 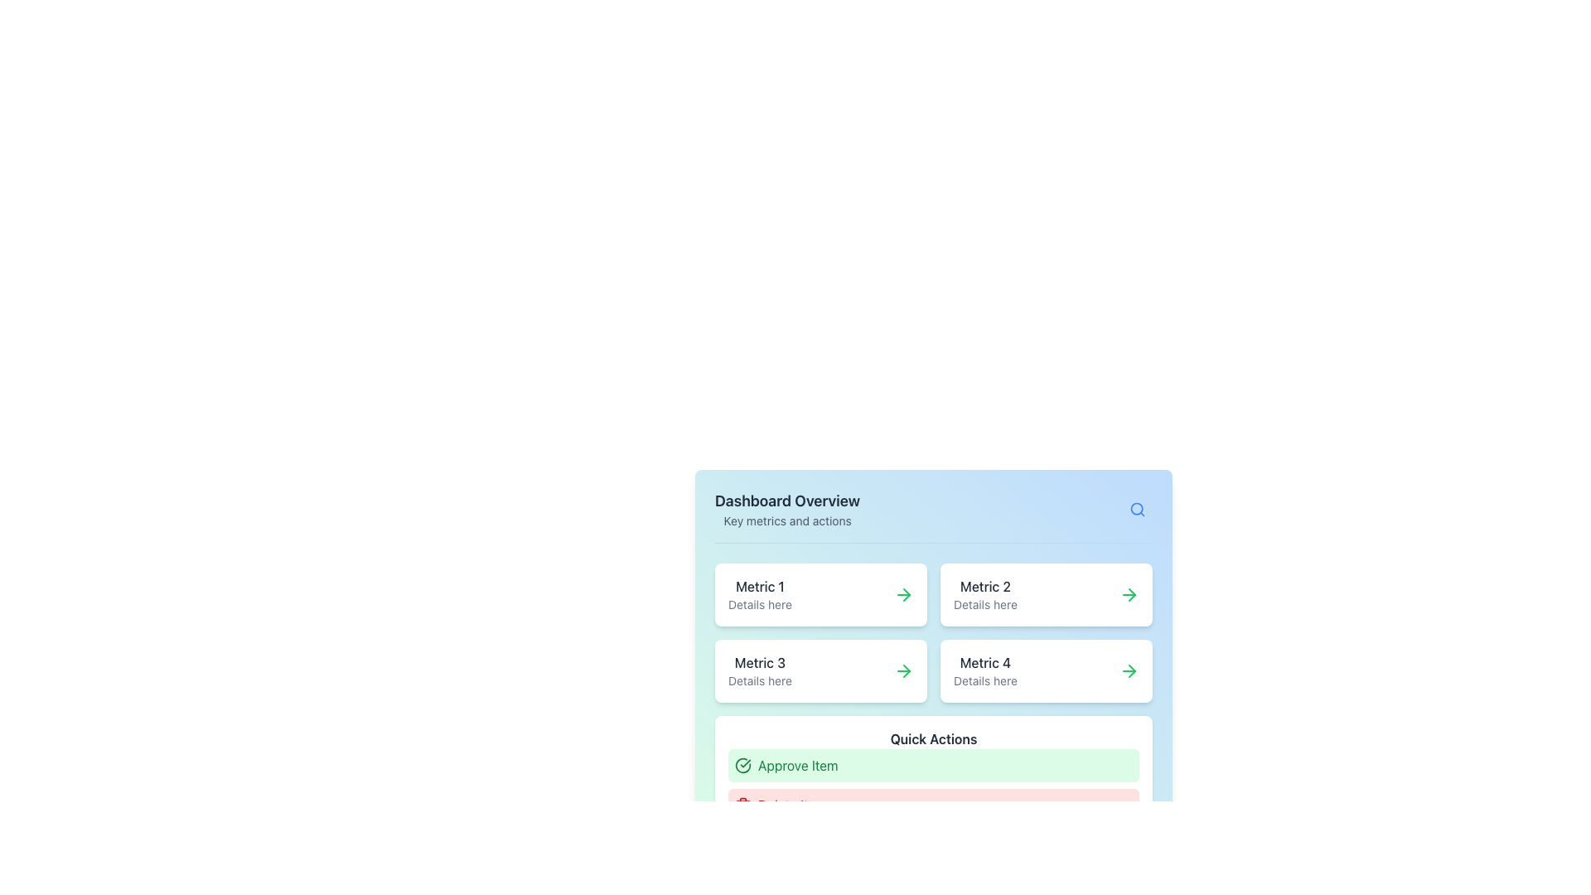 I want to click on the navigation arrow icon located at the far-right side of the 'Metric 1' card, so click(x=902, y=593).